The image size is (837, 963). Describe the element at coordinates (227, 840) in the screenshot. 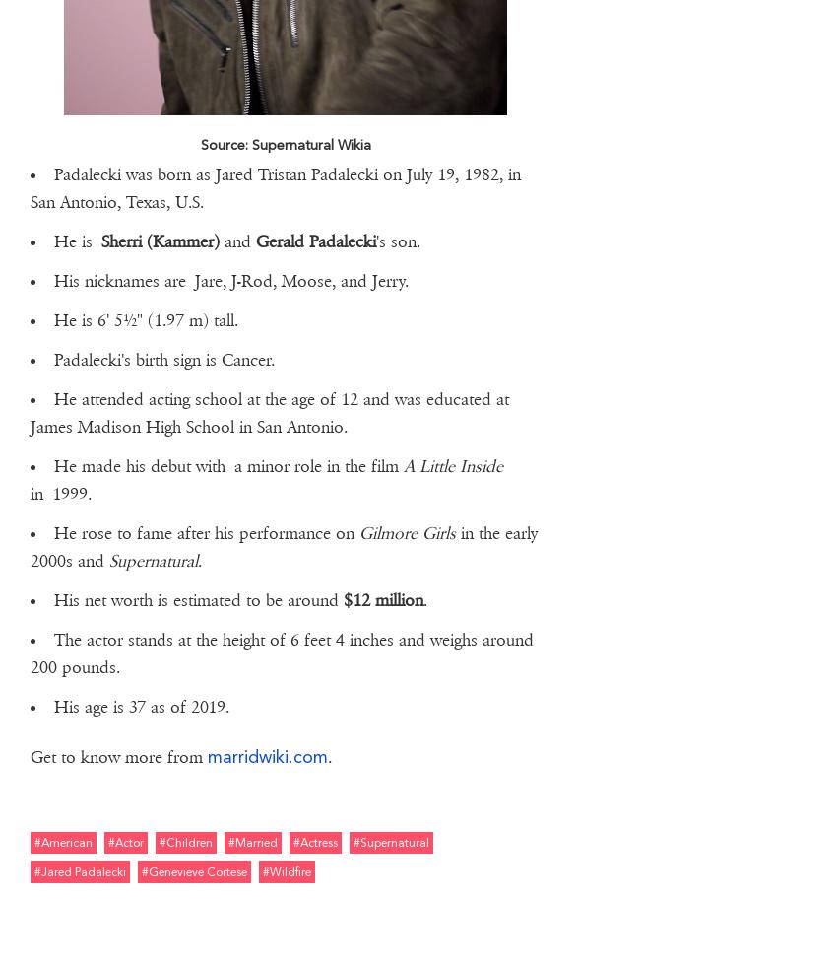

I see `'#married'` at that location.